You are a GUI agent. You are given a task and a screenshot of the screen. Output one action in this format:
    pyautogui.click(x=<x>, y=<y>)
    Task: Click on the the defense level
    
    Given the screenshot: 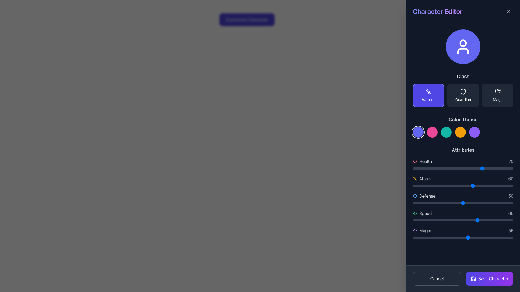 What is the action you would take?
    pyautogui.click(x=487, y=203)
    